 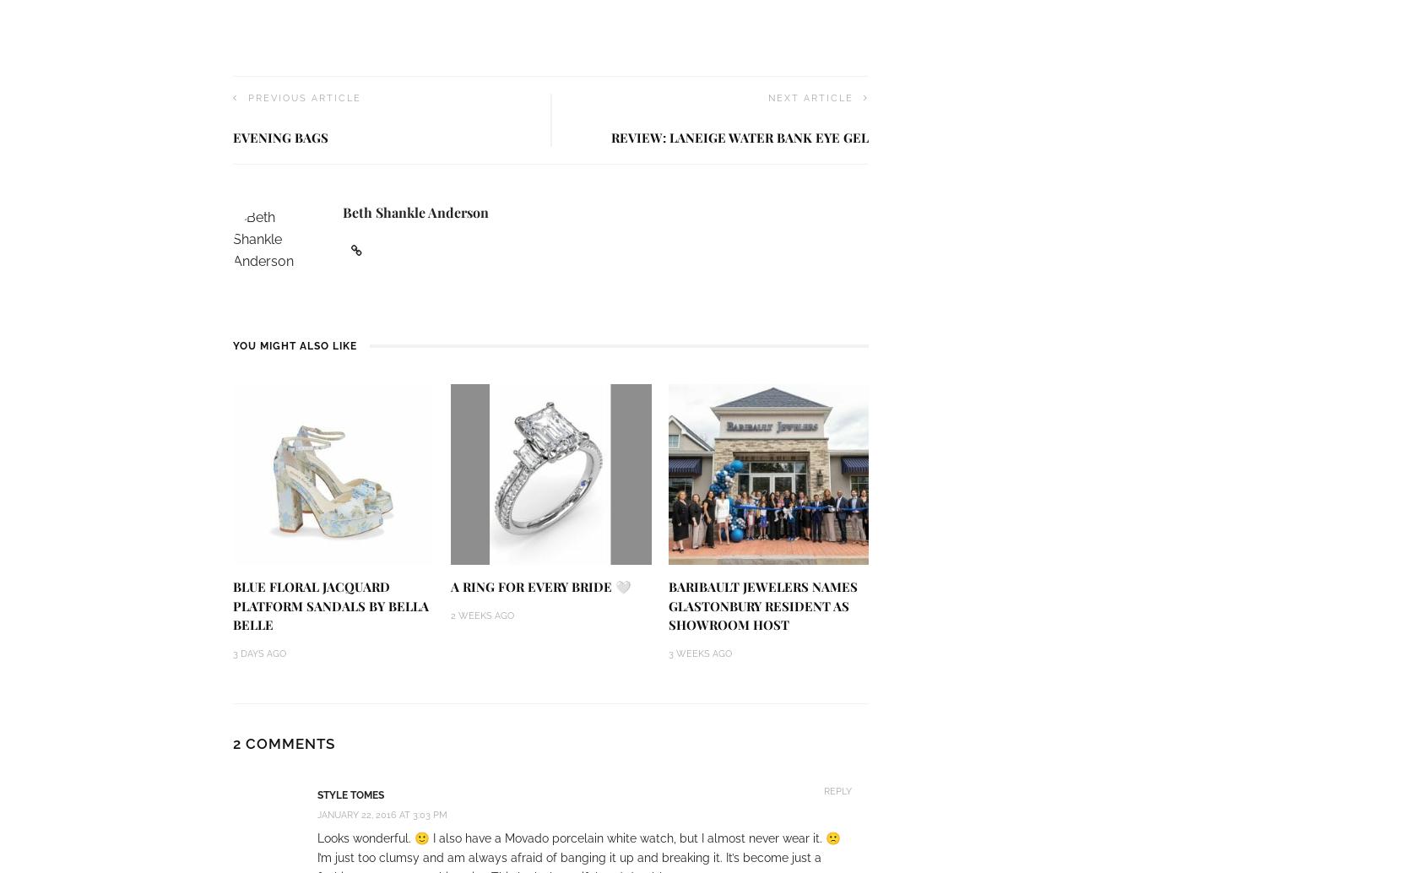 I want to click on 'previous article', so click(x=303, y=97).